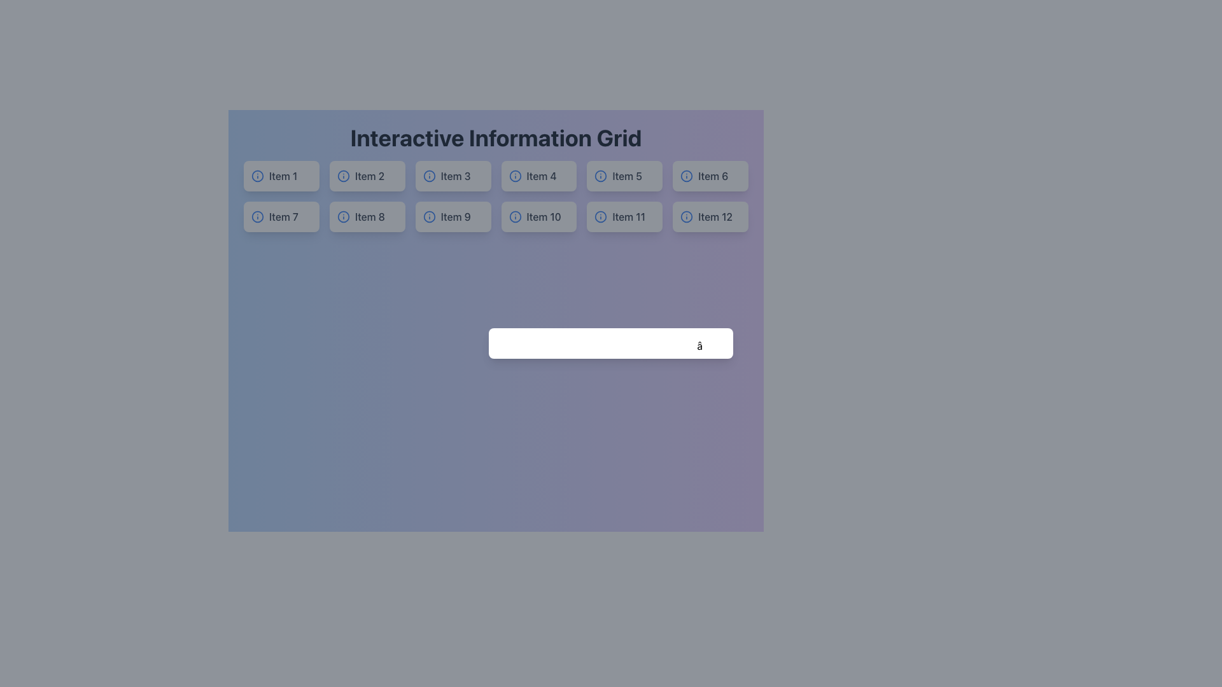 The height and width of the screenshot is (687, 1222). What do you see at coordinates (283, 176) in the screenshot?
I see `the 'Item 1' text label displayed on the light gray rectangular card within the 'Interactive Information Grid', located in the top-left corner of the first card in the grid` at bounding box center [283, 176].